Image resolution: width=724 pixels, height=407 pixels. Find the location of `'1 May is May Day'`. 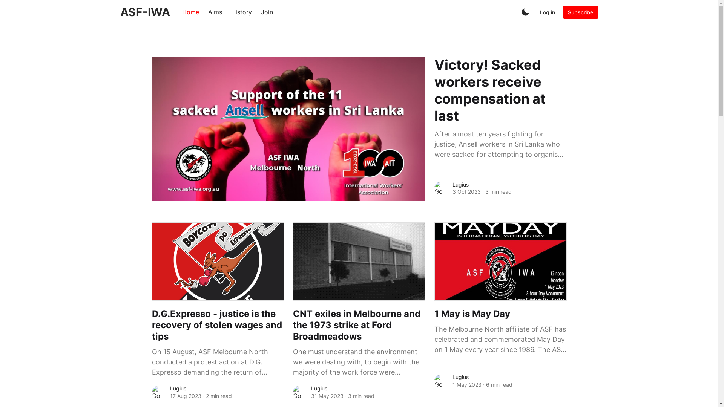

'1 May is May Day' is located at coordinates (500, 314).